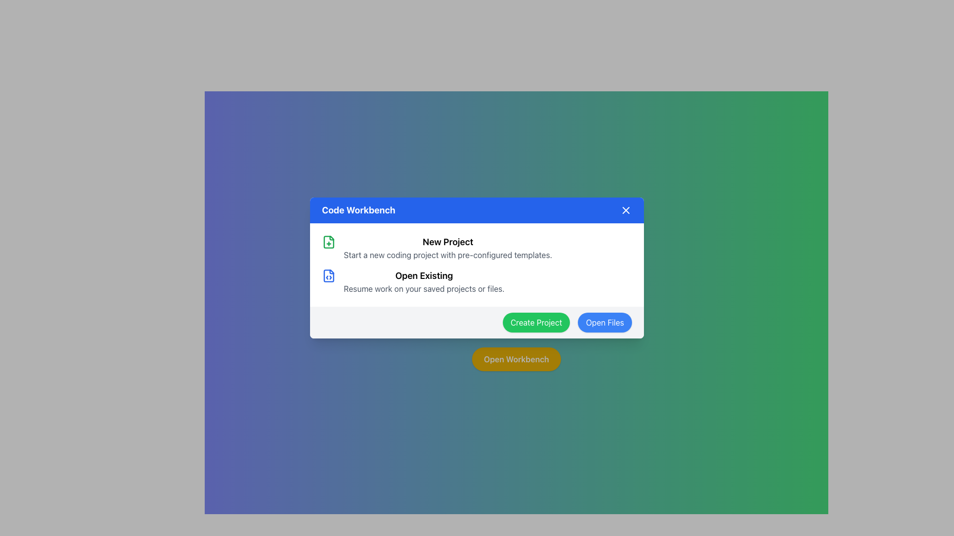 This screenshot has width=954, height=536. What do you see at coordinates (516, 359) in the screenshot?
I see `the prominently styled button with rounded edges and a vibrant yellow background, labeled 'Open Workbench'` at bounding box center [516, 359].